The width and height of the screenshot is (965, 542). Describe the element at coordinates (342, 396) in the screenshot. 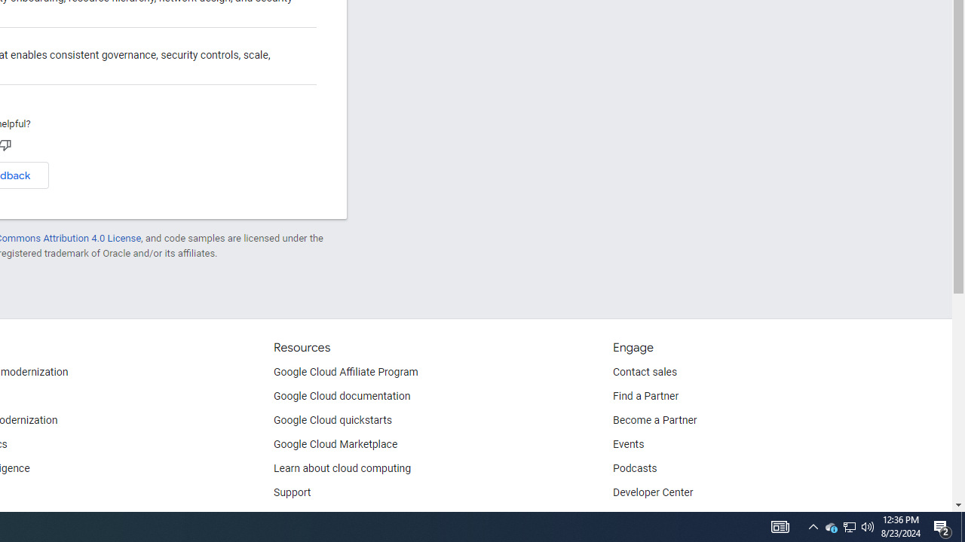

I see `'Google Cloud documentation'` at that location.